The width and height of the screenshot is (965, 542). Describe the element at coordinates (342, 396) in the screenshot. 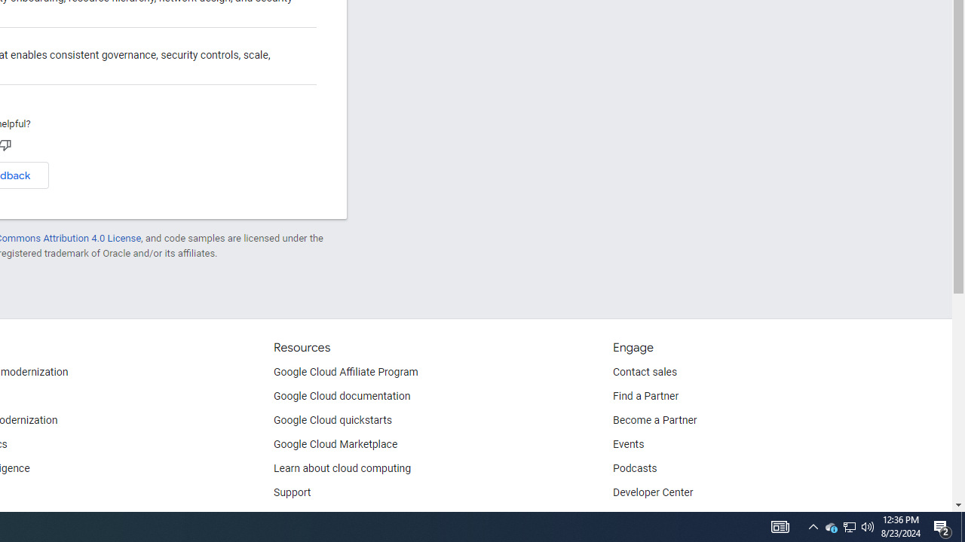

I see `'Google Cloud documentation'` at that location.